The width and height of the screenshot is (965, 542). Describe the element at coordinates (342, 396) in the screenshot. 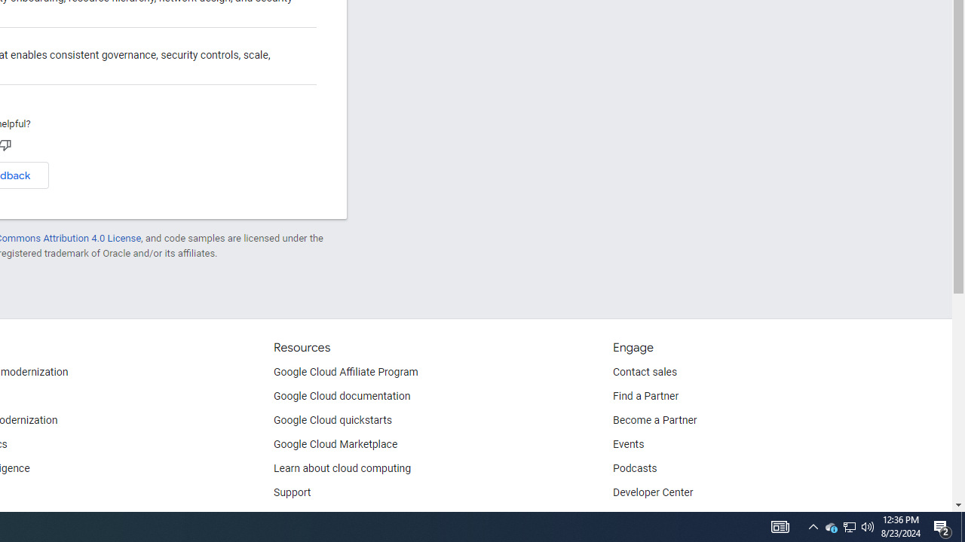

I see `'Google Cloud documentation'` at that location.